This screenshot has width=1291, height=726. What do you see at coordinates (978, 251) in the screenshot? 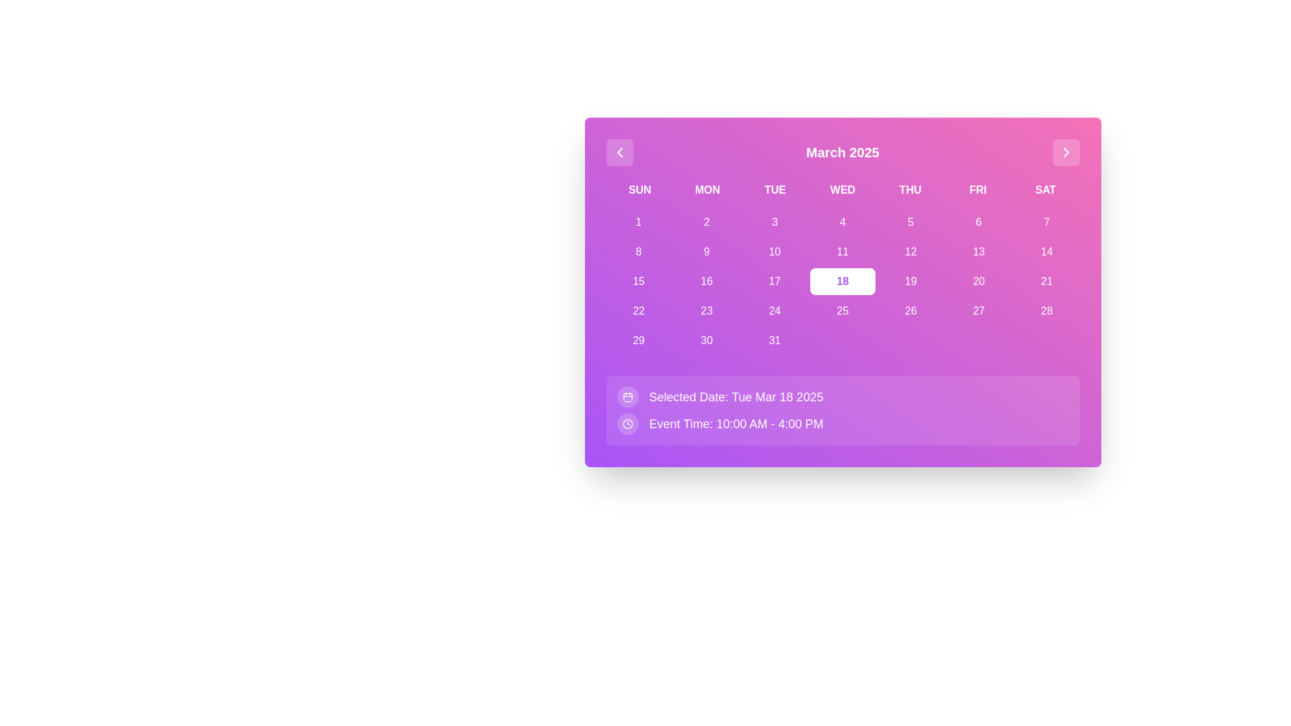
I see `the button` at bounding box center [978, 251].